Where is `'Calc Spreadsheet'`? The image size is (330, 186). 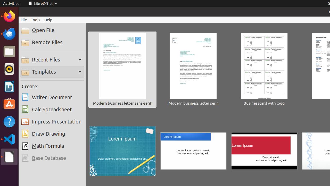
'Calc Spreadsheet' is located at coordinates (52, 109).